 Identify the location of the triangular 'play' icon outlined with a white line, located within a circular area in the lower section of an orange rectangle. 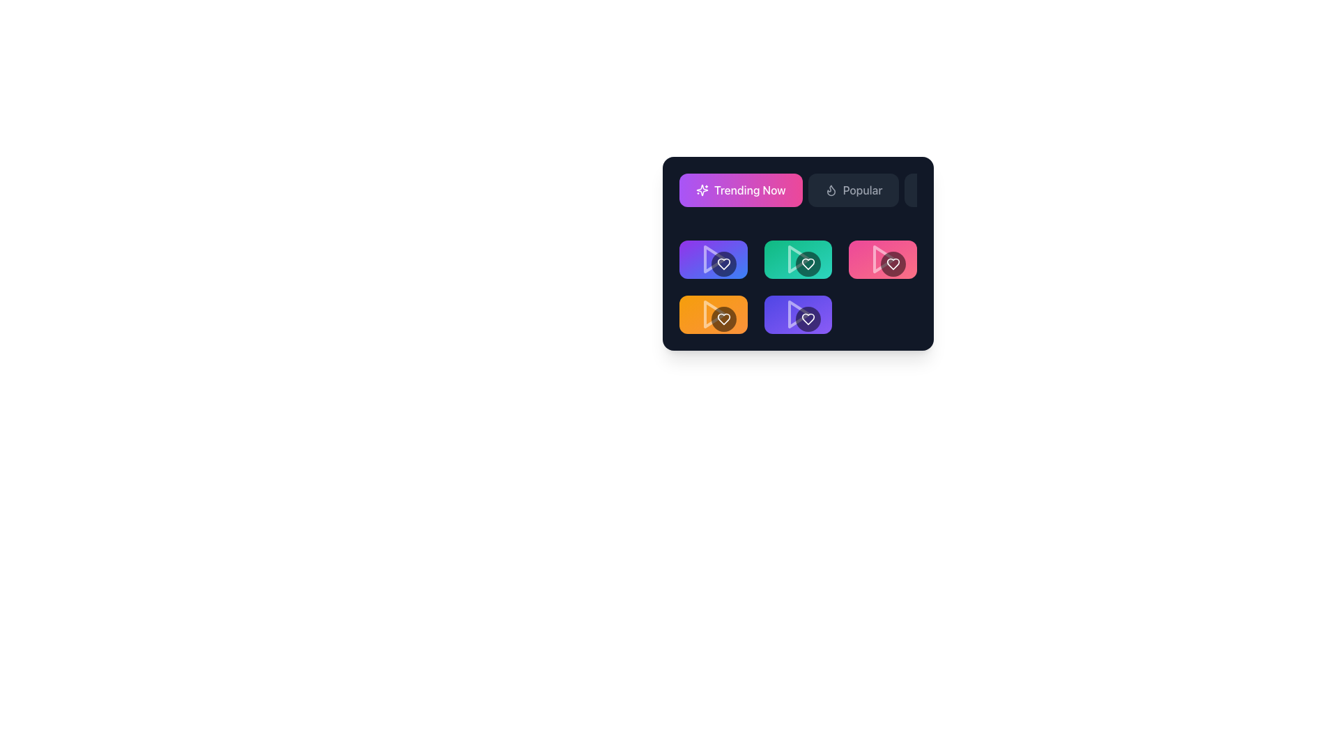
(713, 314).